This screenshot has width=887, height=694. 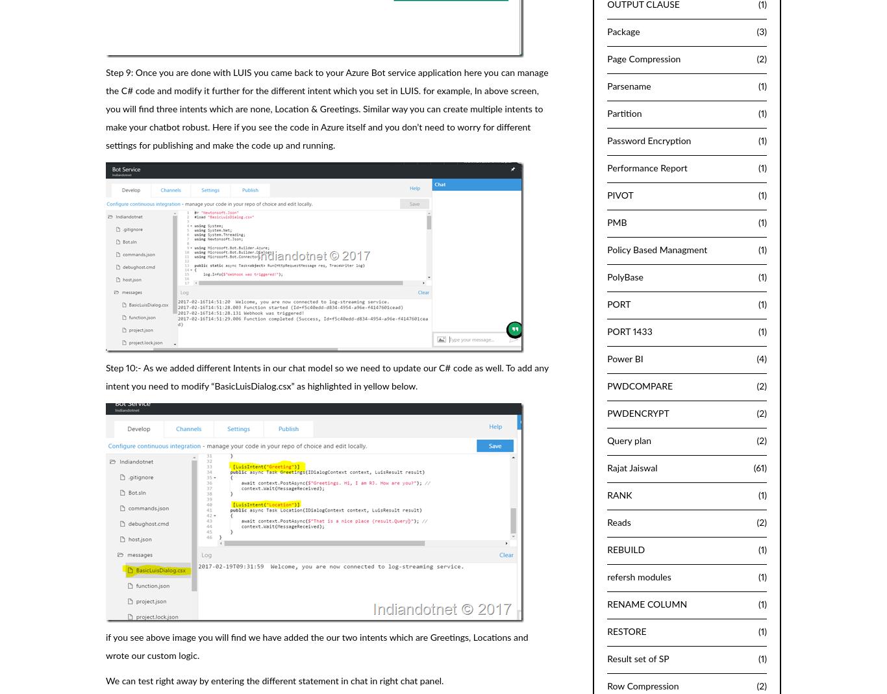 I want to click on 'PIVOT', so click(x=619, y=195).